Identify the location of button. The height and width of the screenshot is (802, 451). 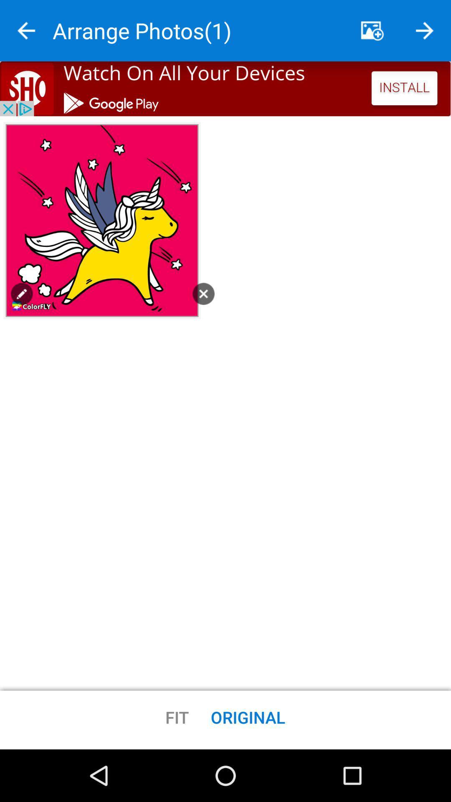
(203, 294).